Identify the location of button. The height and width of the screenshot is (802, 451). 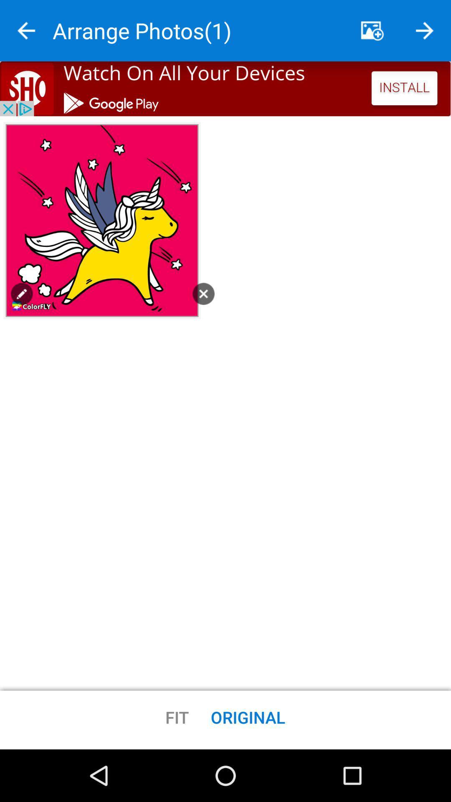
(203, 294).